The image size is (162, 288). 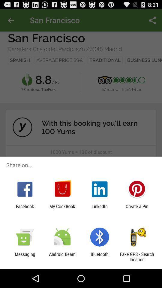 What do you see at coordinates (25, 256) in the screenshot?
I see `item to the left of android beam` at bounding box center [25, 256].